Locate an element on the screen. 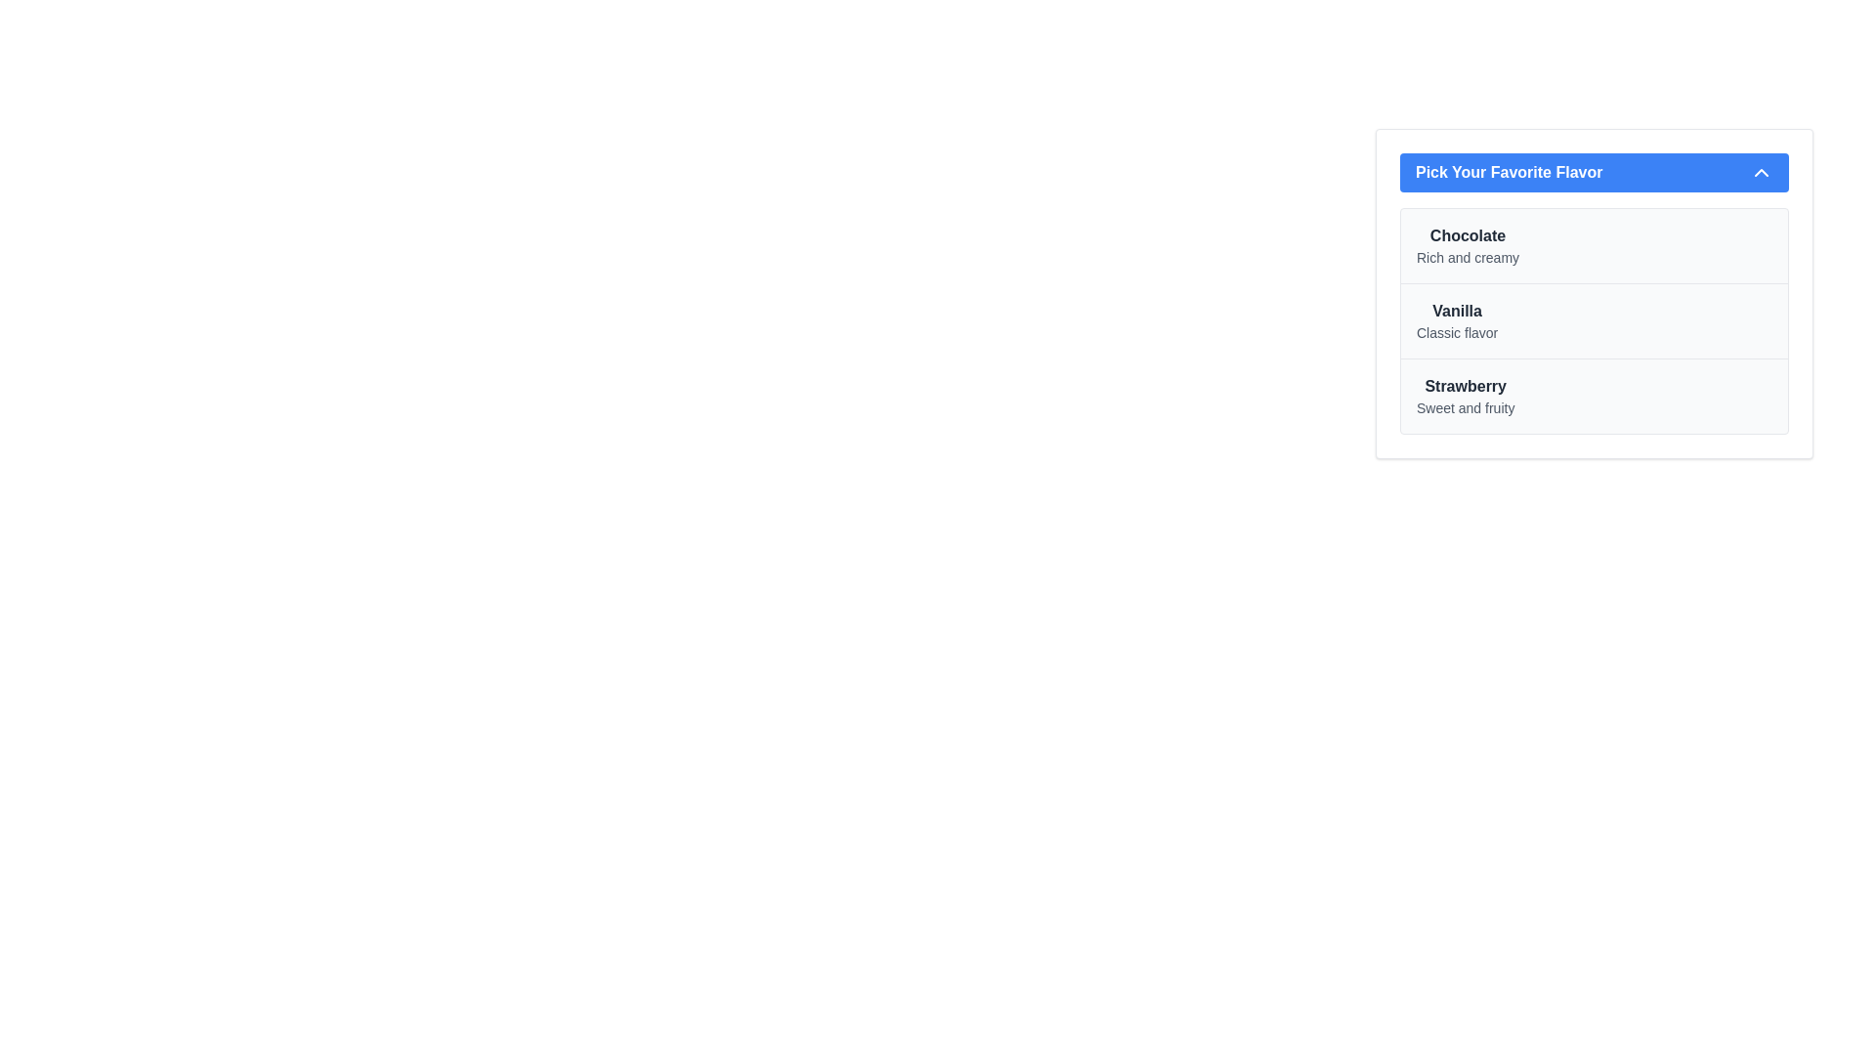 The width and height of the screenshot is (1876, 1055). the text label stating 'Pick Your Favorite Flavor' which is styled in bold white text on a blue background is located at coordinates (1508, 172).